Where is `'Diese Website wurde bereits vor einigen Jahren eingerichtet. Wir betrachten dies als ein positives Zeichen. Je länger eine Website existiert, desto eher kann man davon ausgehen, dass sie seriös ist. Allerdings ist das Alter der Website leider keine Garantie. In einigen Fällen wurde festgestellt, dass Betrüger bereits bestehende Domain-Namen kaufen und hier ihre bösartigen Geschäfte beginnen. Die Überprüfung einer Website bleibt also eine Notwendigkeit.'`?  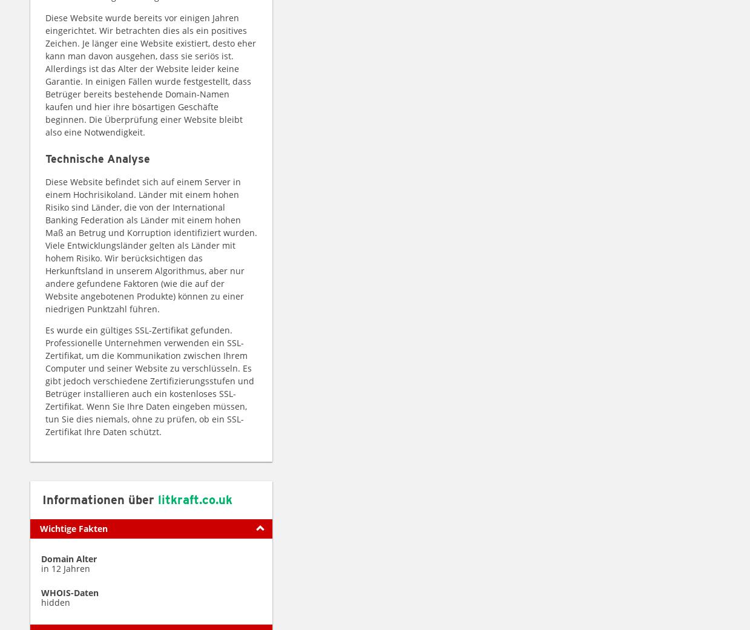 'Diese Website wurde bereits vor einigen Jahren eingerichtet. Wir betrachten dies als ein positives Zeichen. Je länger eine Website existiert, desto eher kann man davon ausgehen, dass sie seriös ist. Allerdings ist das Alter der Website leider keine Garantie. In einigen Fällen wurde festgestellt, dass Betrüger bereits bestehende Domain-Namen kaufen und hier ihre bösartigen Geschäfte beginnen. Die Überprüfung einer Website bleibt also eine Notwendigkeit.' is located at coordinates (150, 74).